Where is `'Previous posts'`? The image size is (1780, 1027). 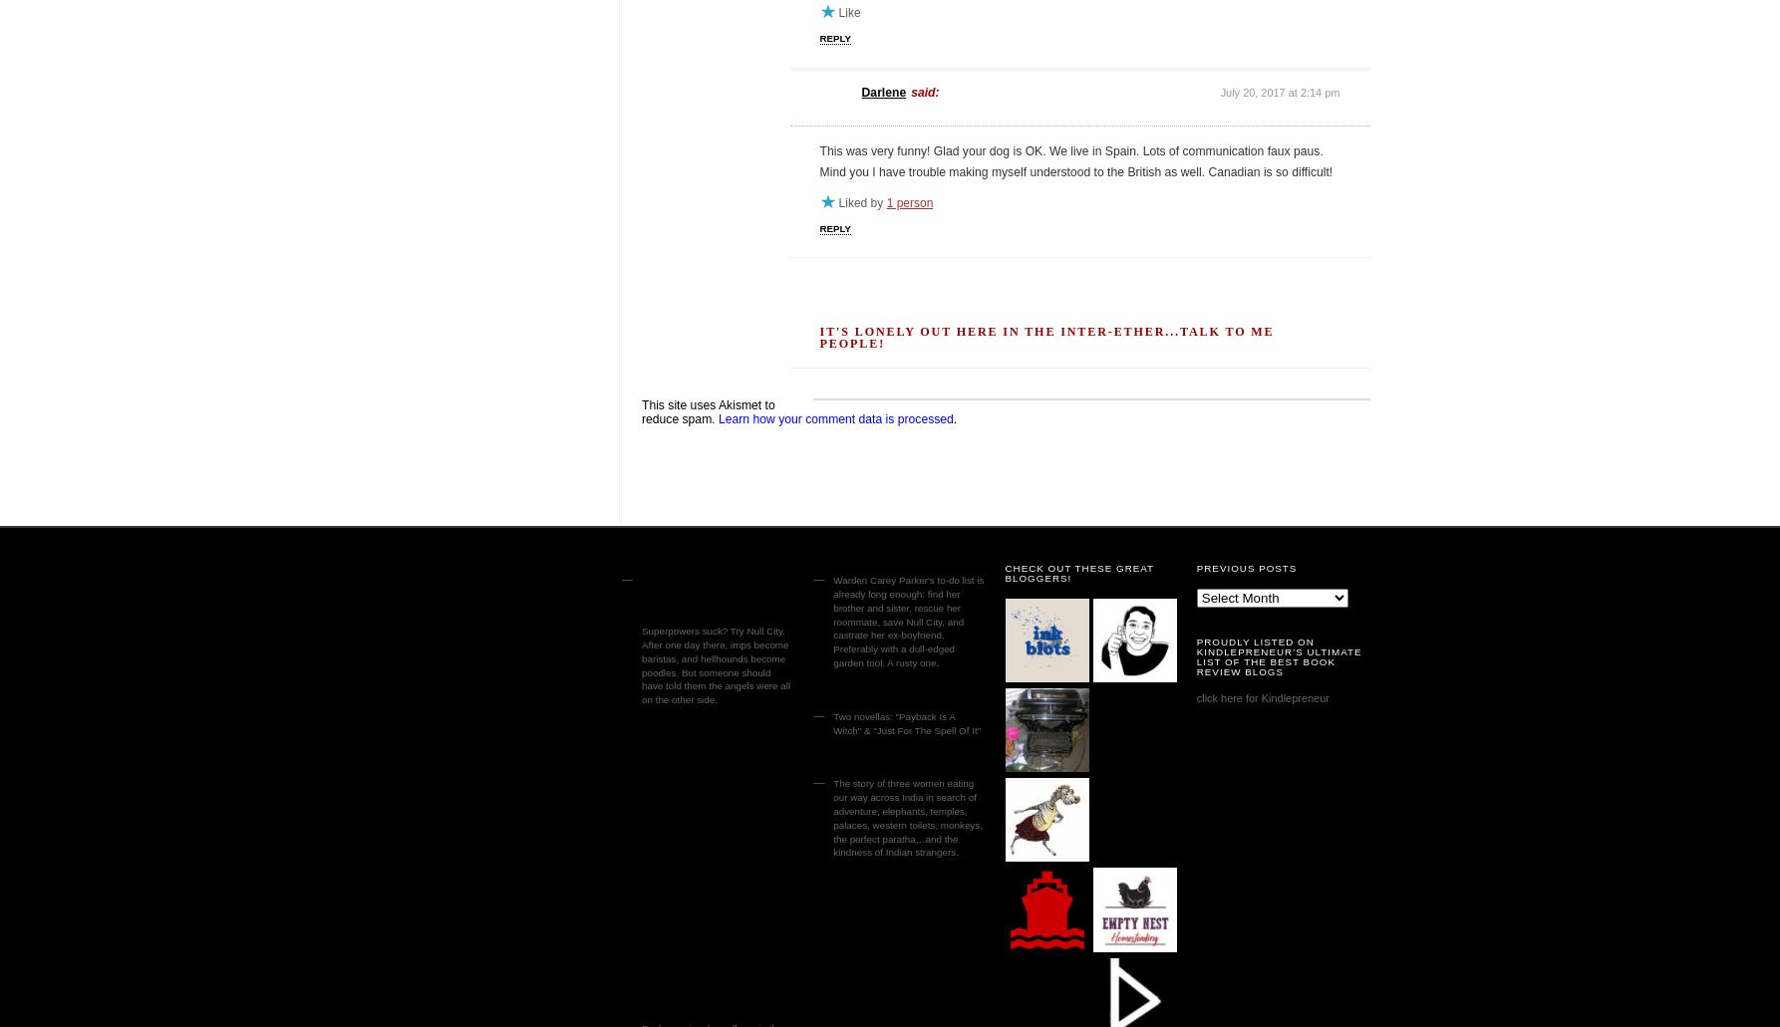 'Previous posts' is located at coordinates (1196, 567).